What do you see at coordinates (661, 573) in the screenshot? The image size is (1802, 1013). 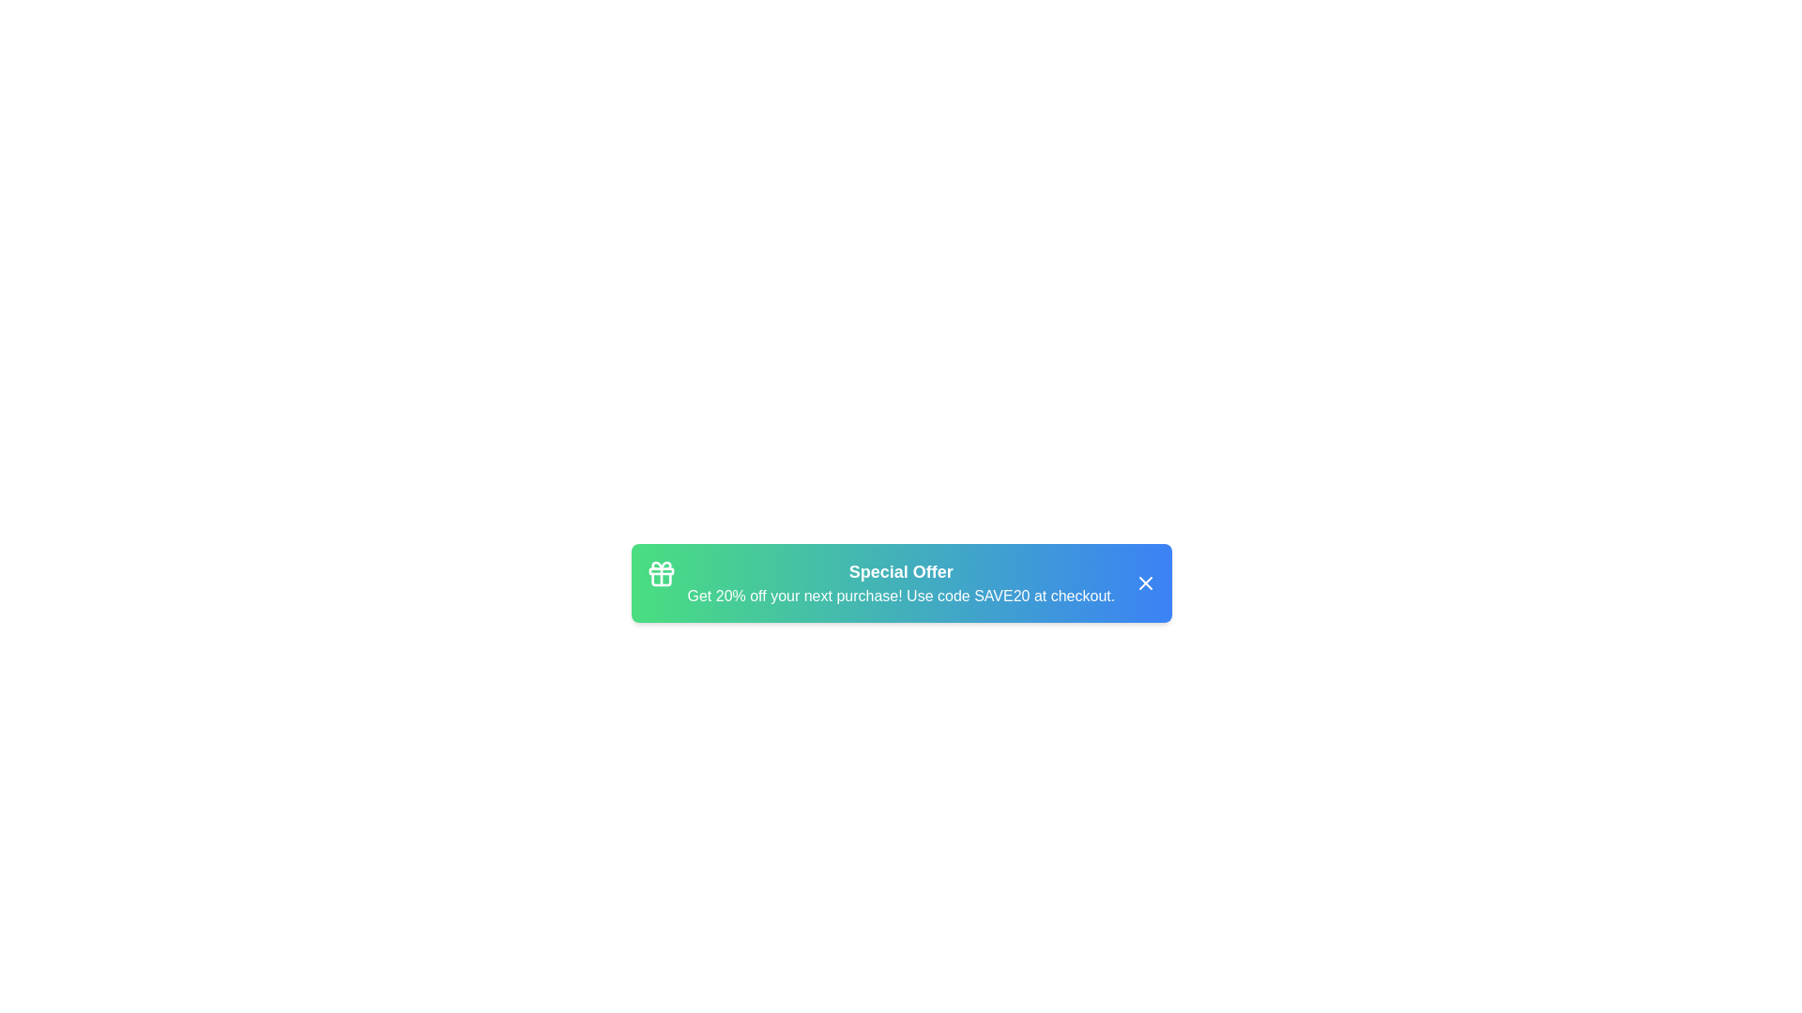 I see `the gift icon to interact with it` at bounding box center [661, 573].